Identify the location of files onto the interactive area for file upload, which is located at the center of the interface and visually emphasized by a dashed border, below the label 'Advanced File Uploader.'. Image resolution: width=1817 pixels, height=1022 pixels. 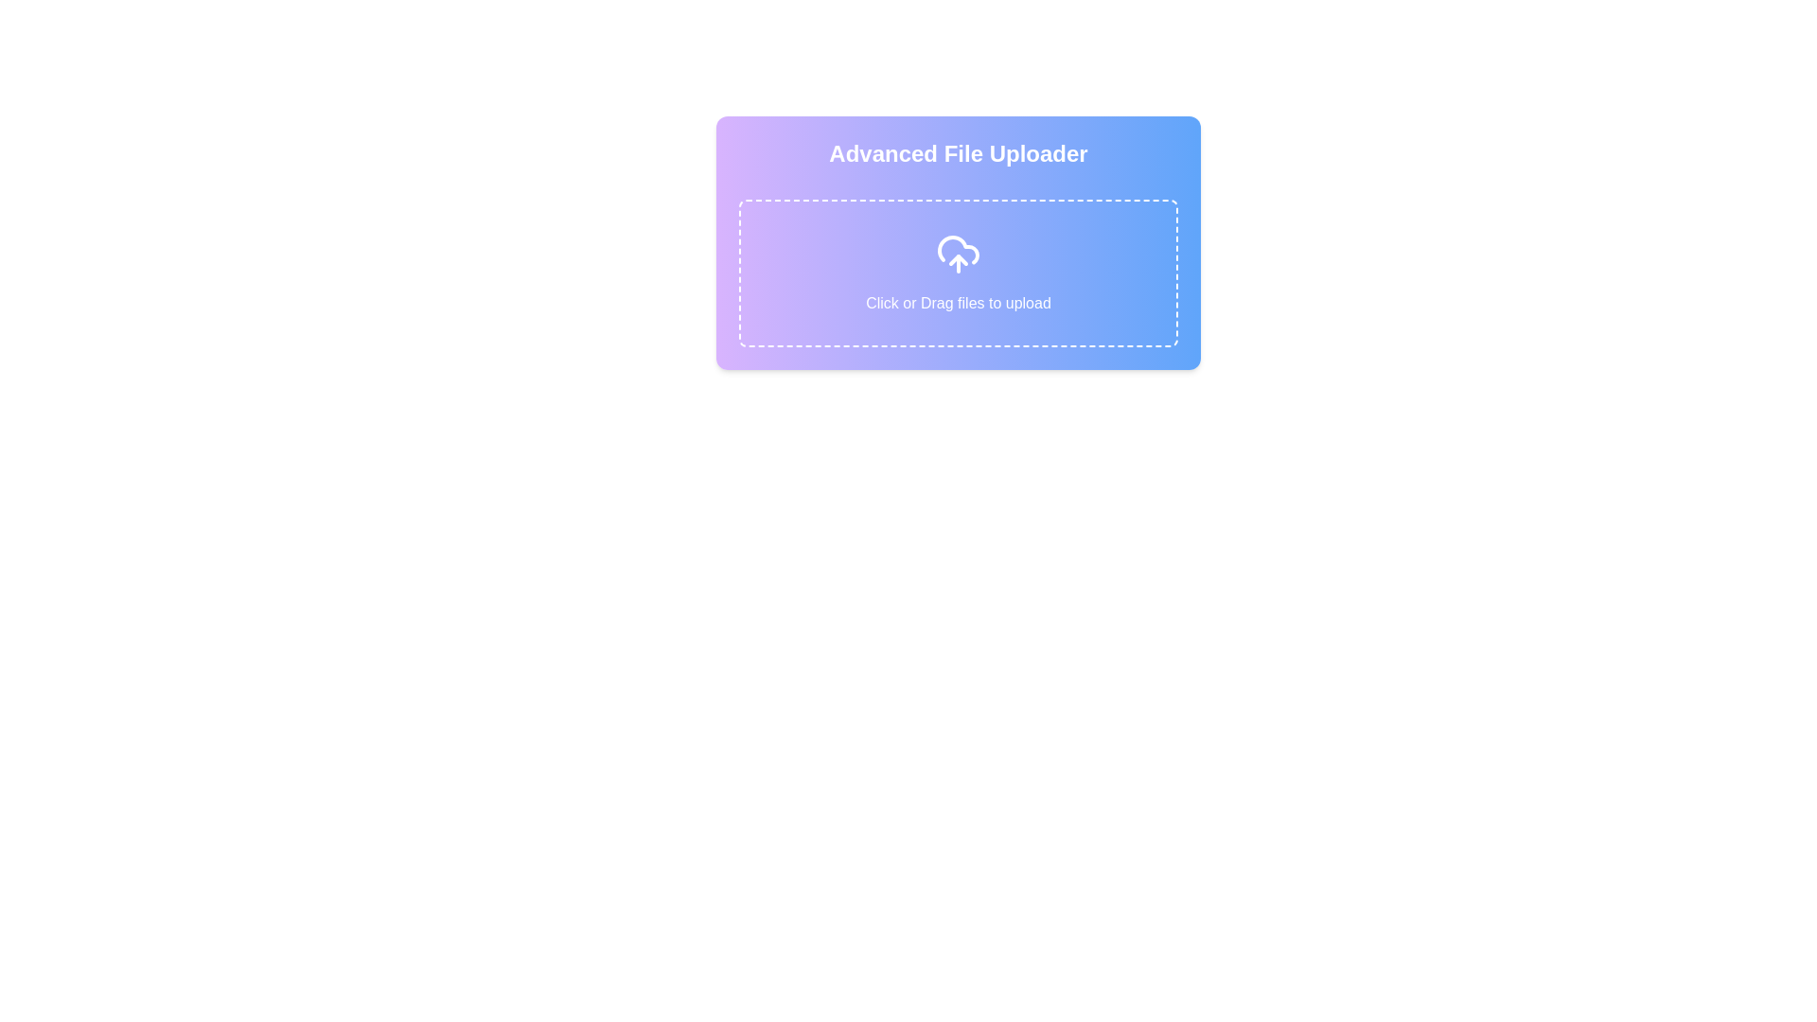
(958, 242).